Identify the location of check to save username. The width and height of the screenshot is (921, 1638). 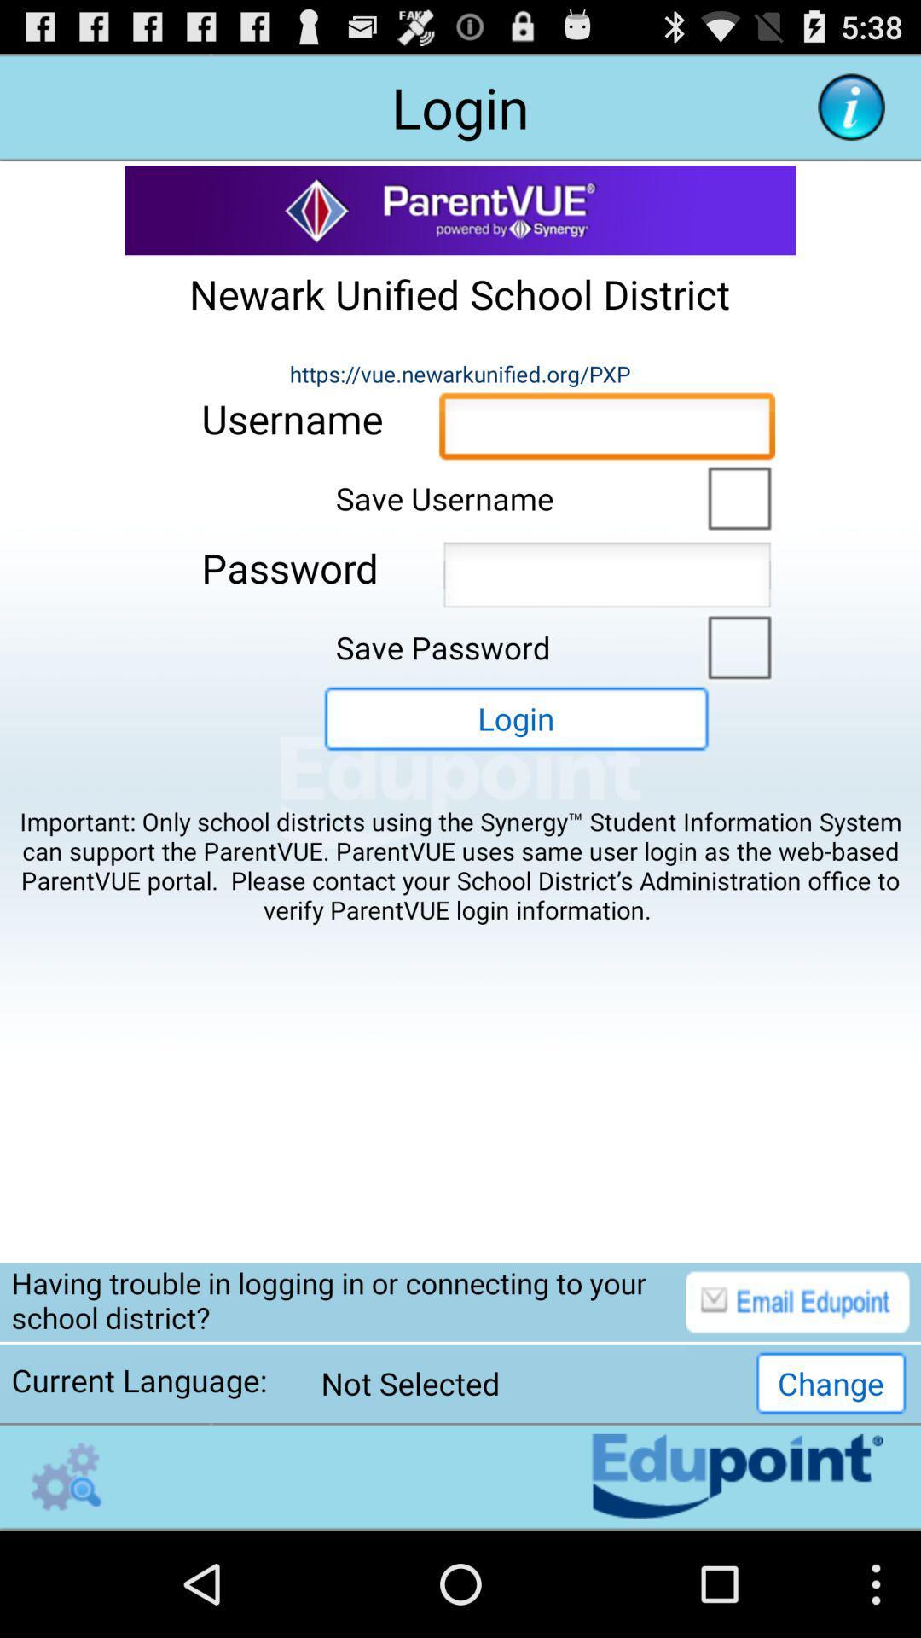
(734, 496).